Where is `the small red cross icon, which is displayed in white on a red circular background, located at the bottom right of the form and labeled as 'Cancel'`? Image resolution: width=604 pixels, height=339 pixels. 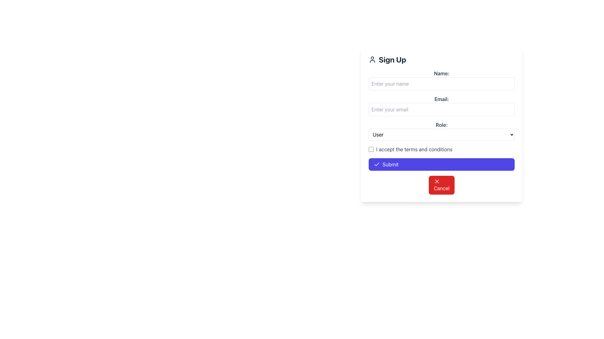
the small red cross icon, which is displayed in white on a red circular background, located at the bottom right of the form and labeled as 'Cancel' is located at coordinates (437, 181).